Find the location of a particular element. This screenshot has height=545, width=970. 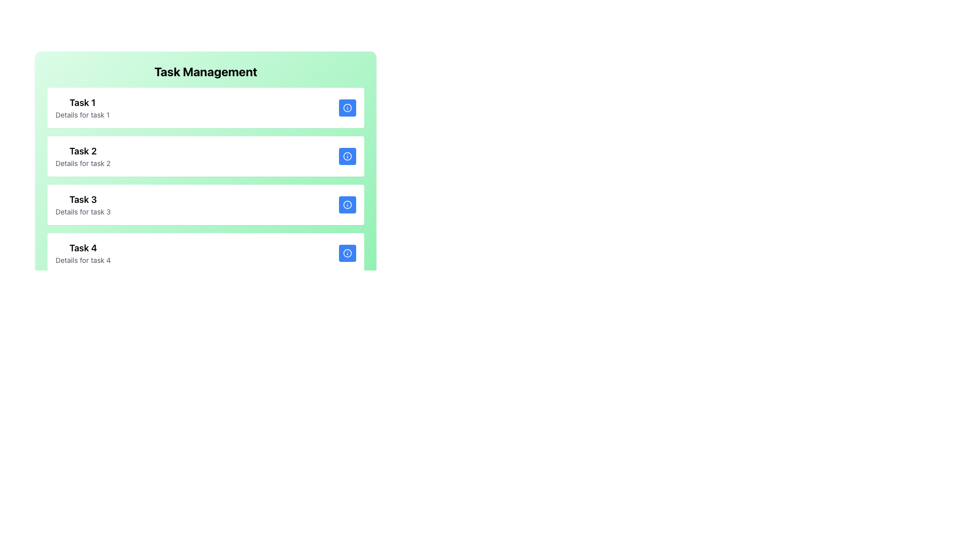

the bold, black text label that reads 'Task 2', which serves as a heading for the second task card in the task management section is located at coordinates (83, 151).